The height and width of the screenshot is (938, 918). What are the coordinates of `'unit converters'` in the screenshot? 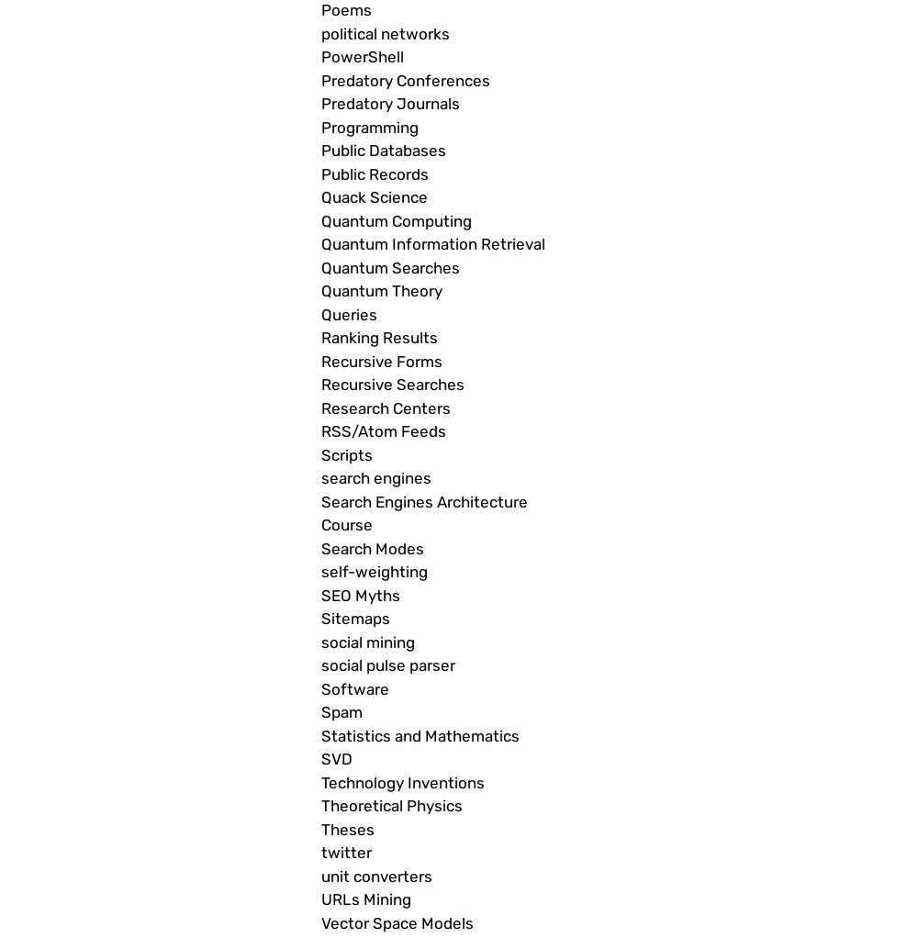 It's located at (320, 875).